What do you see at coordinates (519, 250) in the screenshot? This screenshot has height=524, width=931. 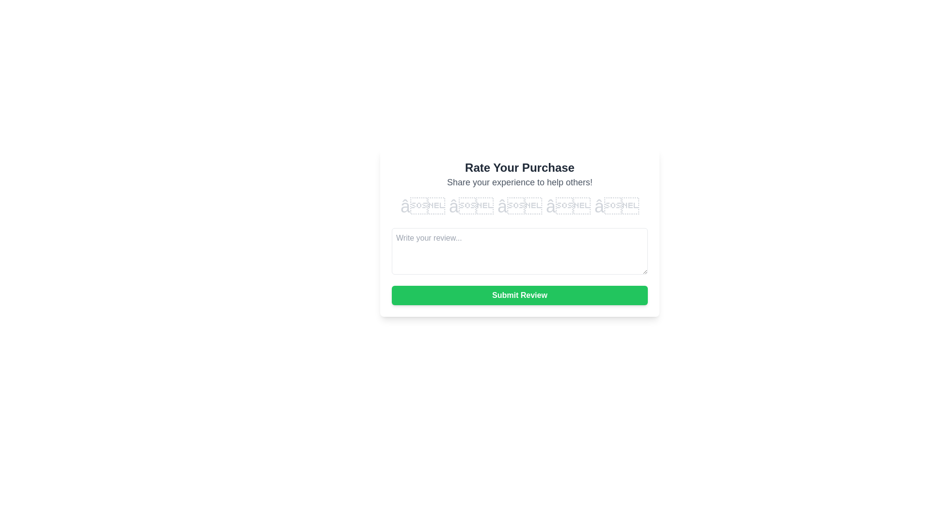 I see `the text box to activate it for typing a review` at bounding box center [519, 250].